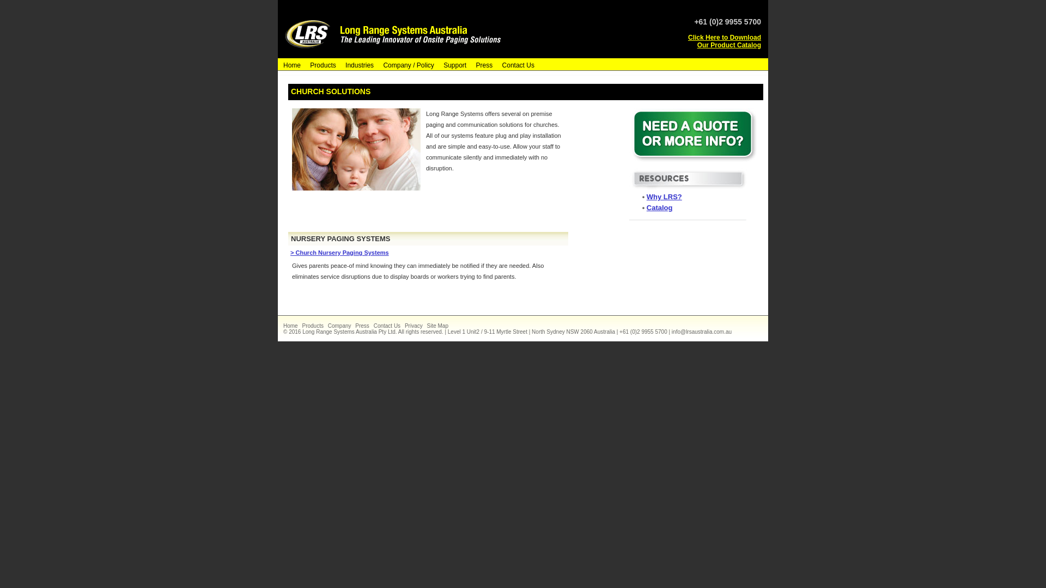  Describe the element at coordinates (664, 197) in the screenshot. I see `'Why LRS?'` at that location.